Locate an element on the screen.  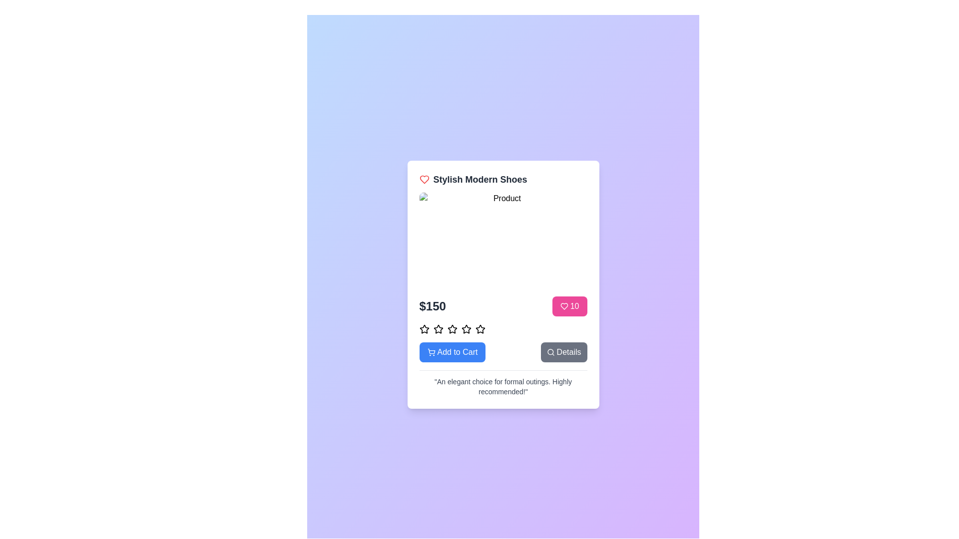
descriptive review or testimonial text located at the bottom of the card component, directly beneath the blue 'Add to Cart' button and the gray 'Details' button is located at coordinates (503, 386).